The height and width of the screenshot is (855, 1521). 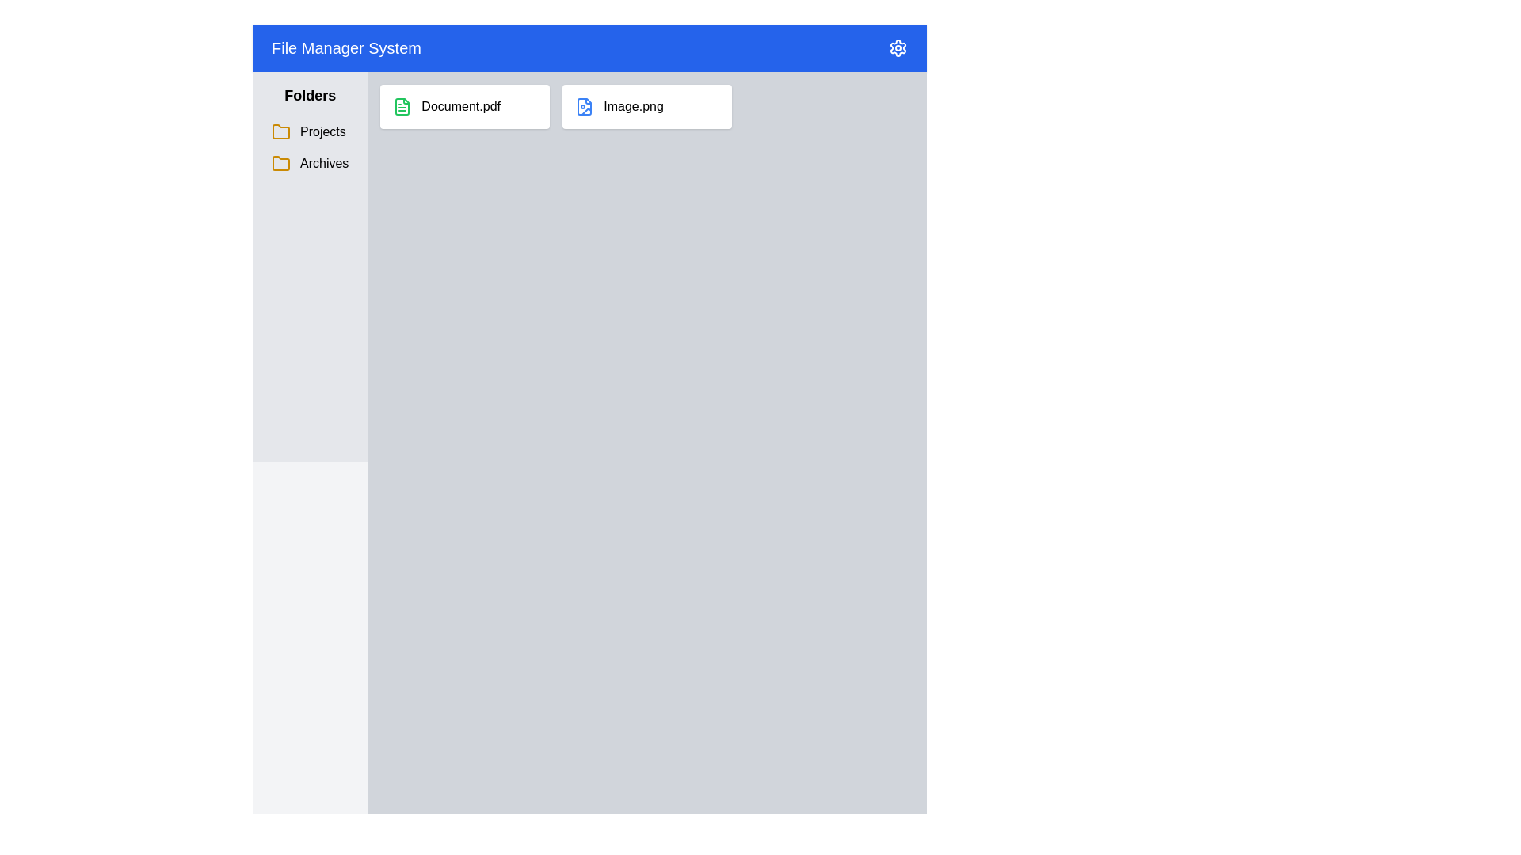 I want to click on the 'Archives' text label in the left sidebar under the 'Folders' section, which is adjacent to the yellow folder icon, so click(x=323, y=164).